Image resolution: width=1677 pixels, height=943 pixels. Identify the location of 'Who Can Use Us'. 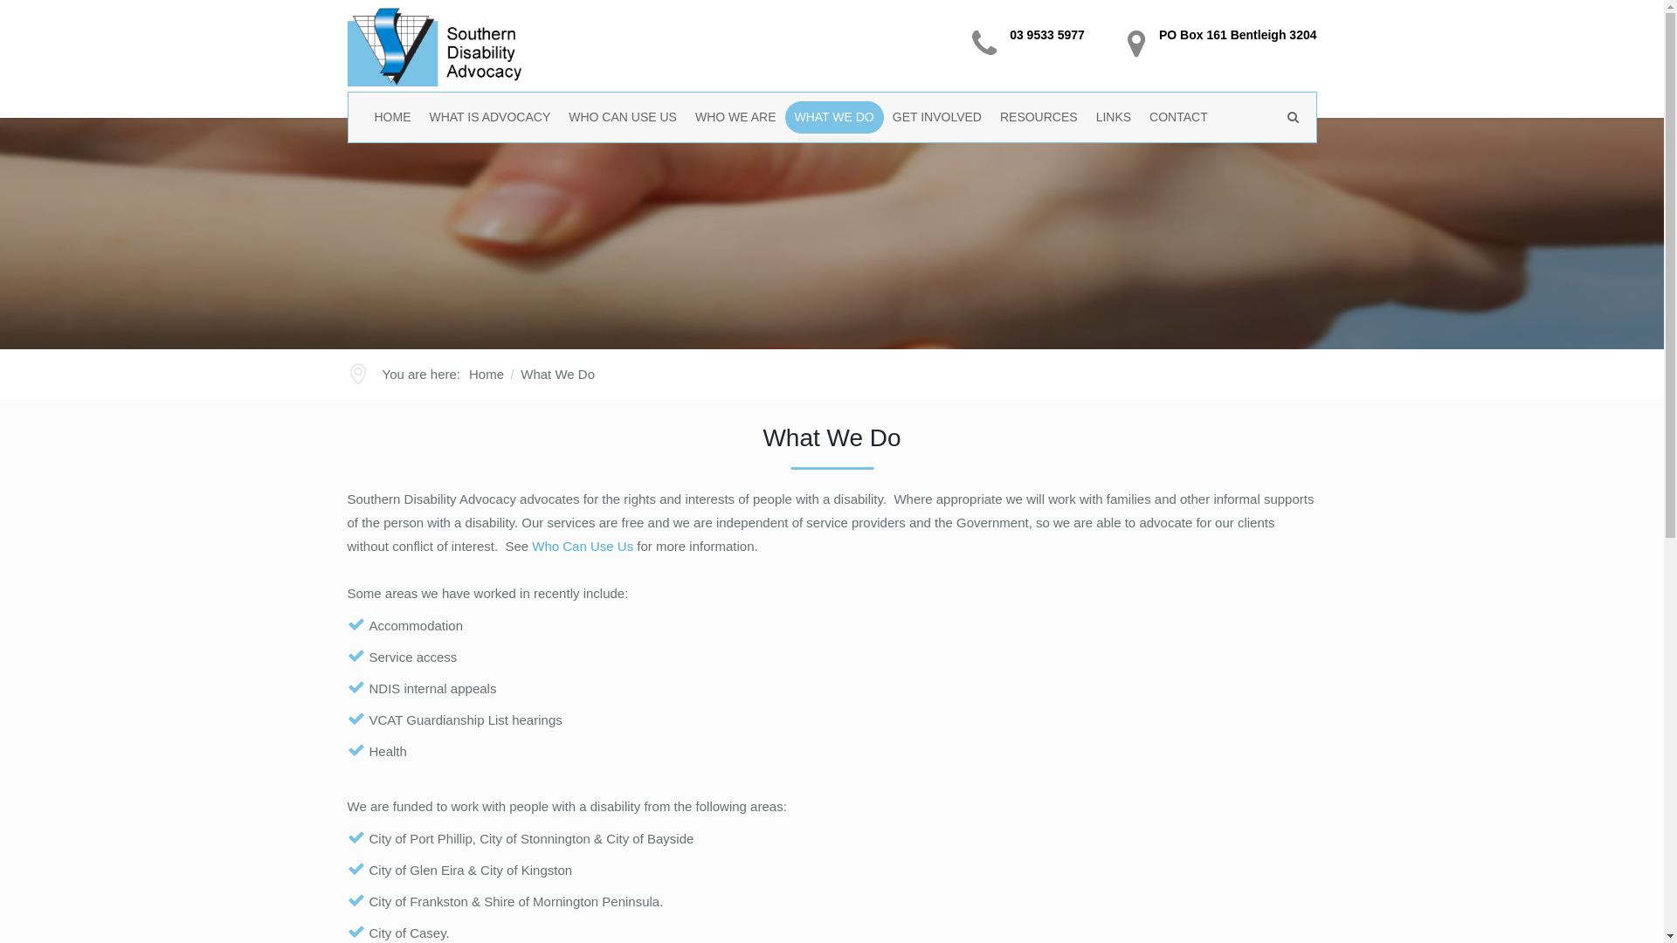
(583, 545).